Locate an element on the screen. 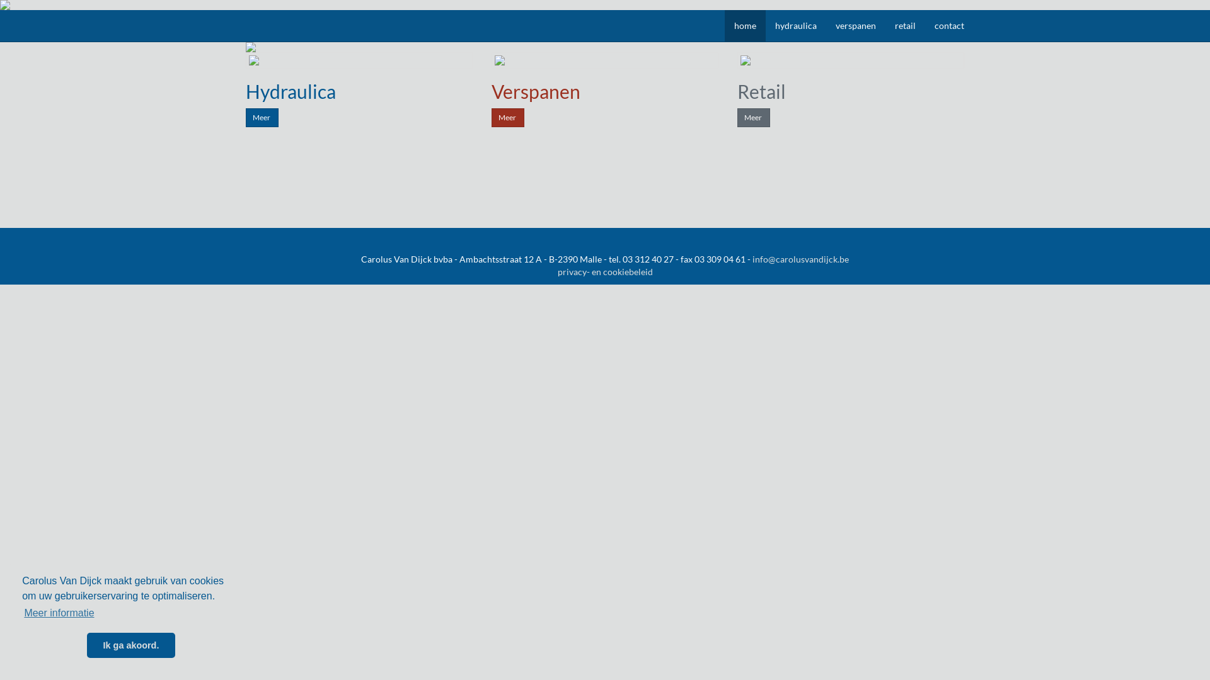  'contact' is located at coordinates (949, 26).